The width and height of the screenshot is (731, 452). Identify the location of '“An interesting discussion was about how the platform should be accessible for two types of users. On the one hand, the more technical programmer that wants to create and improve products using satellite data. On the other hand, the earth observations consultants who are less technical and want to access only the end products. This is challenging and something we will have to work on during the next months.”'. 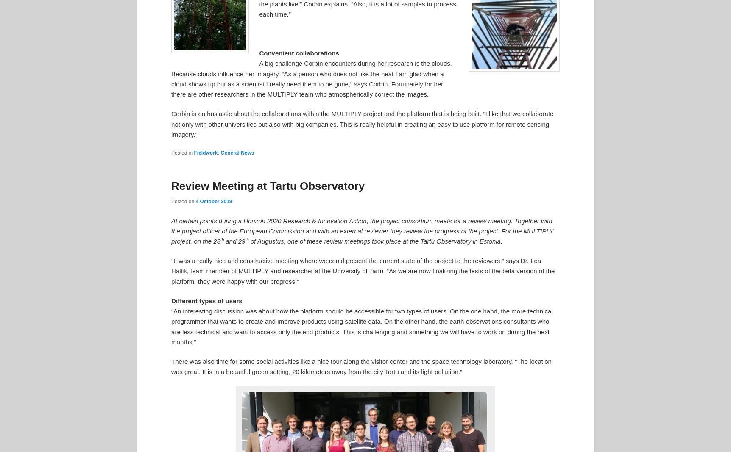
(361, 326).